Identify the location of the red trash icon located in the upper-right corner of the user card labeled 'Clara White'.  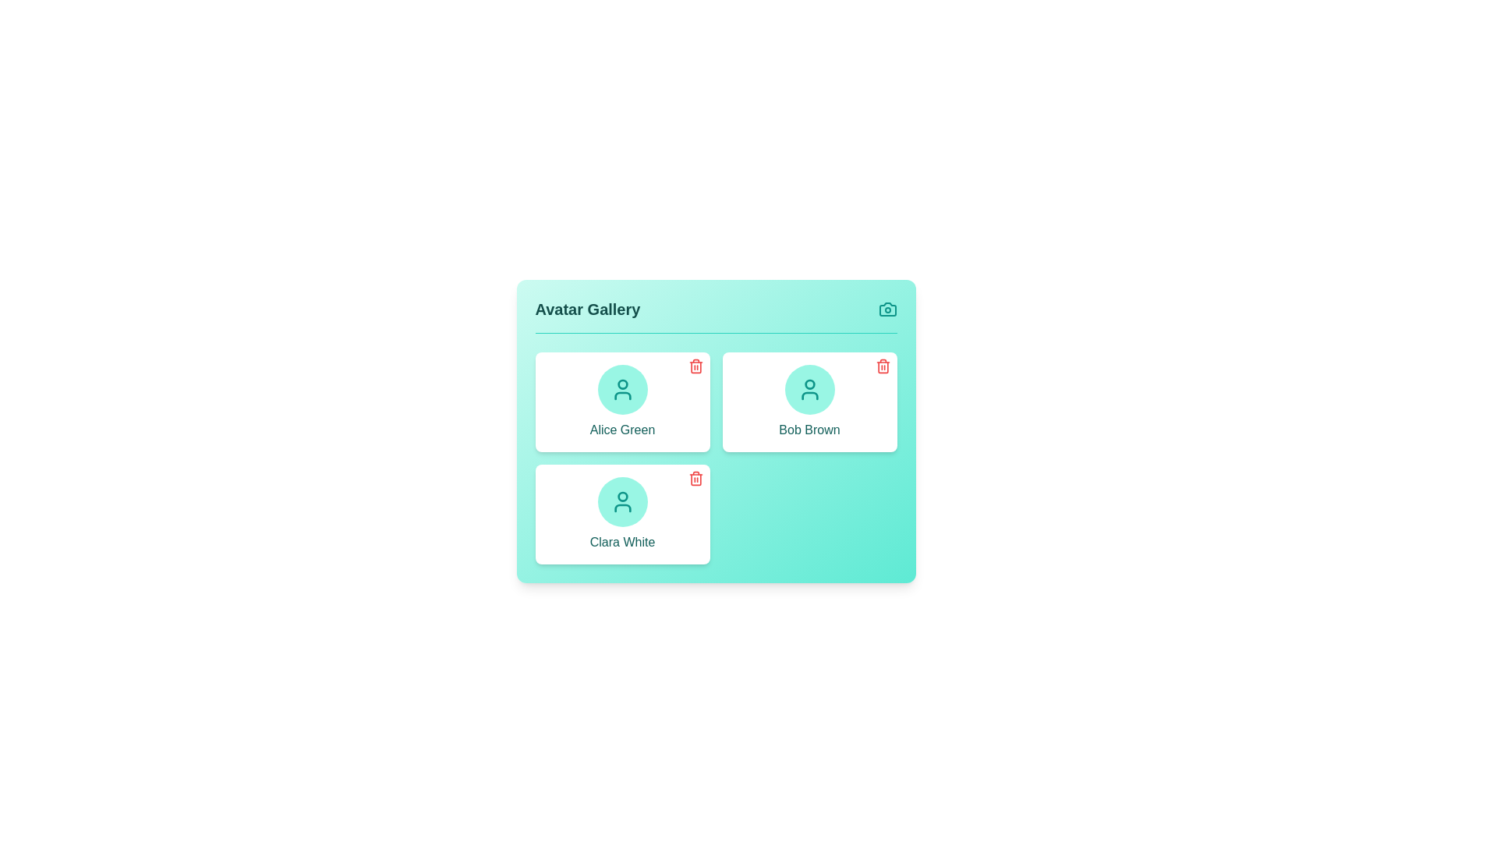
(695, 477).